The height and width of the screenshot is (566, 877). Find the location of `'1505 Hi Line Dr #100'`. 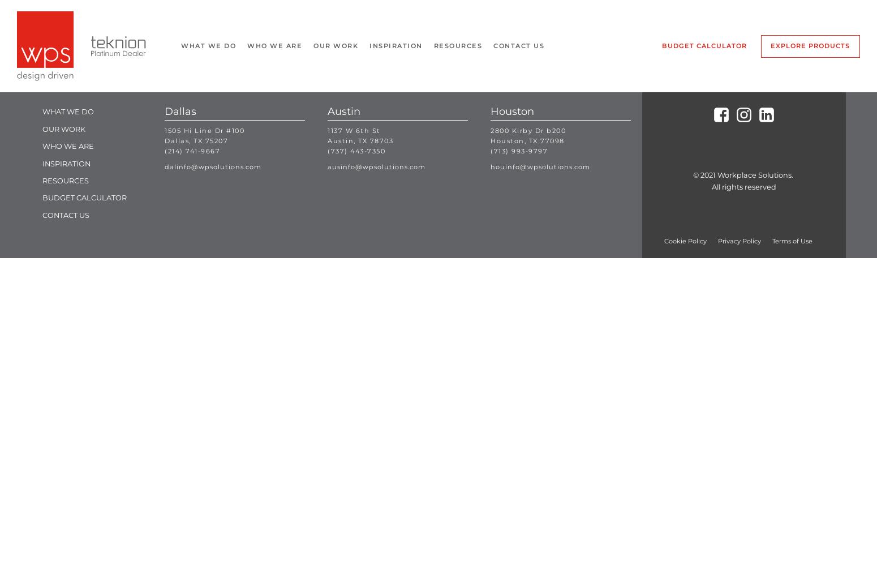

'1505 Hi Line Dr #100' is located at coordinates (204, 130).